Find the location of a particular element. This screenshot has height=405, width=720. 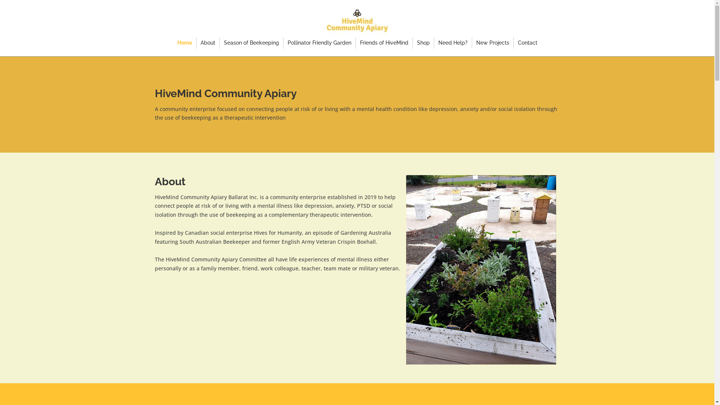

'Contact' is located at coordinates (517, 43).